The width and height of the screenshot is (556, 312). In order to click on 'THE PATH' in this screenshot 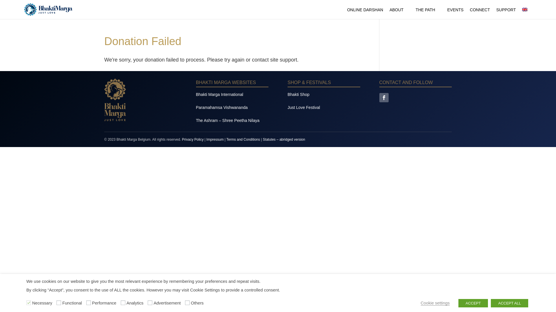, I will do `click(428, 13)`.